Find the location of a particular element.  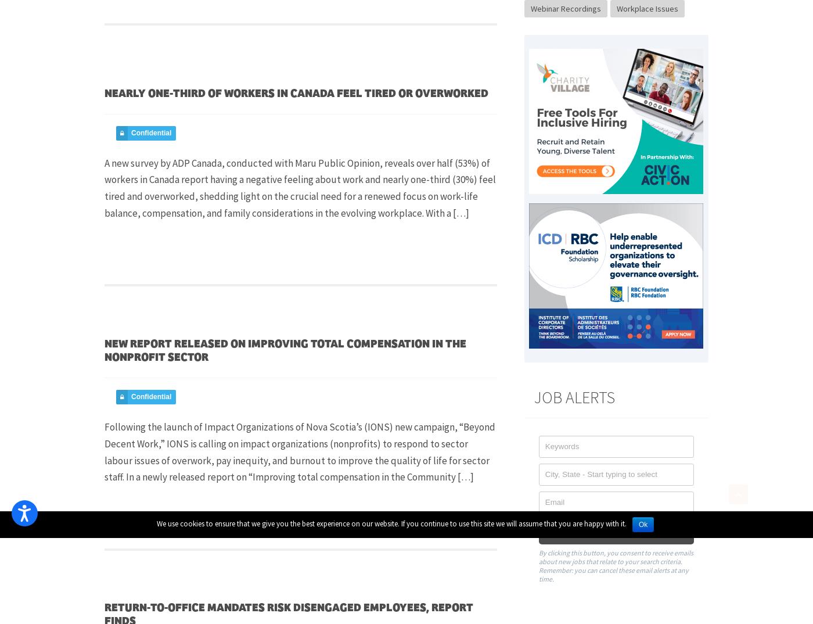

'By clicking this button, you consent to receive emails about new jobs that relate to your search criteria. Remember: you can cancel these email alerts at any time.' is located at coordinates (615, 565).